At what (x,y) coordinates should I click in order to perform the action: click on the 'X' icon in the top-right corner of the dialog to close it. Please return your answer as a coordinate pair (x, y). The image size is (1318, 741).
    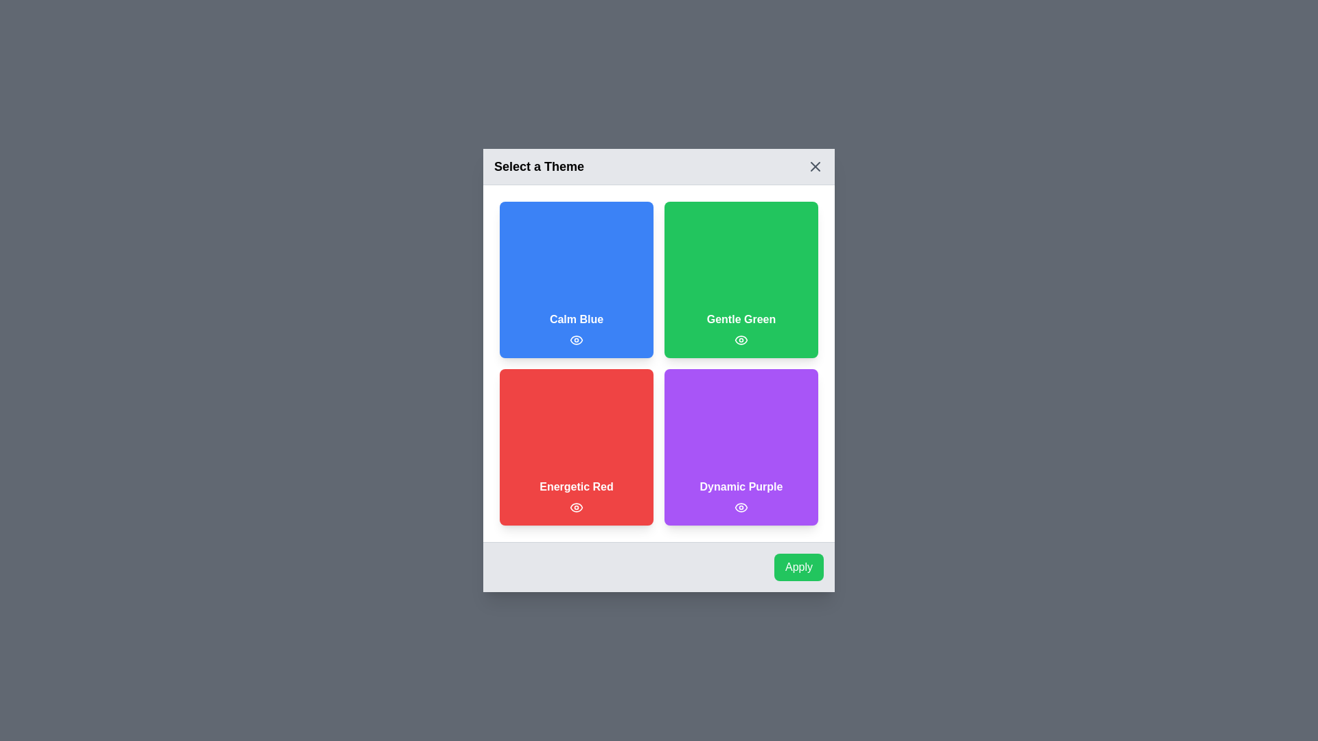
    Looking at the image, I should click on (816, 166).